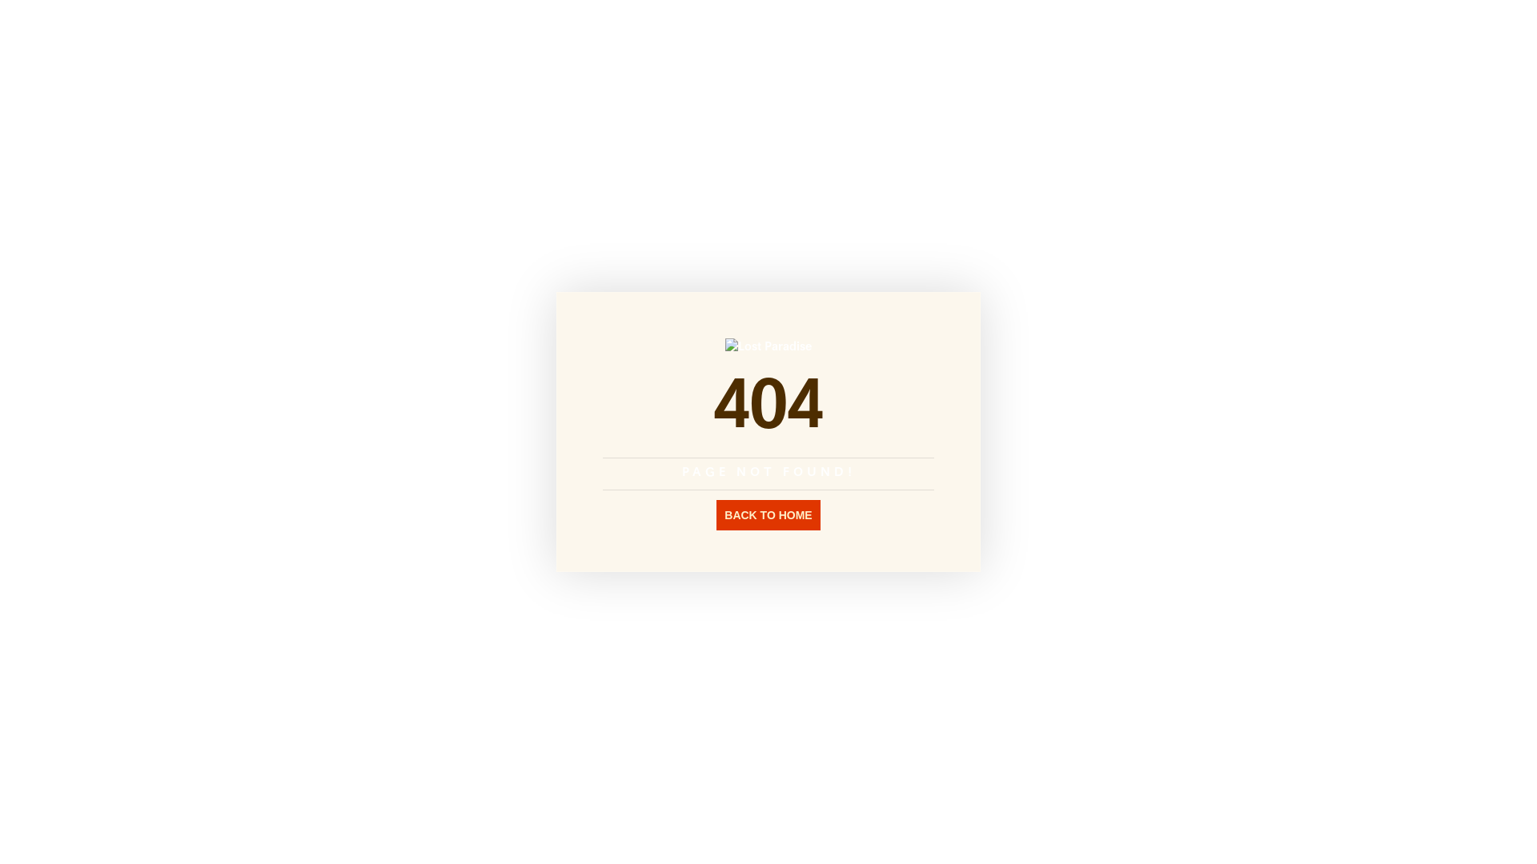 The height and width of the screenshot is (864, 1537). I want to click on 'BACK TO HOME', so click(767, 514).